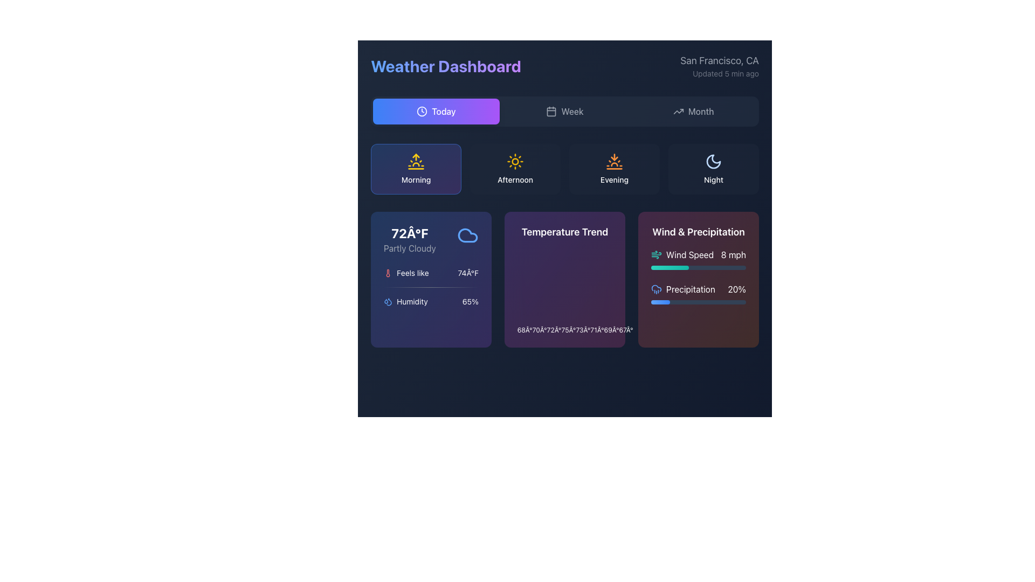 The width and height of the screenshot is (1035, 582). Describe the element at coordinates (564, 291) in the screenshot. I see `the Data visualization component, which is a rectangular placeholder with a gradient background and contains a series of numerical values formatted as temperatures, located in the 'Temperature Trend' section` at that location.